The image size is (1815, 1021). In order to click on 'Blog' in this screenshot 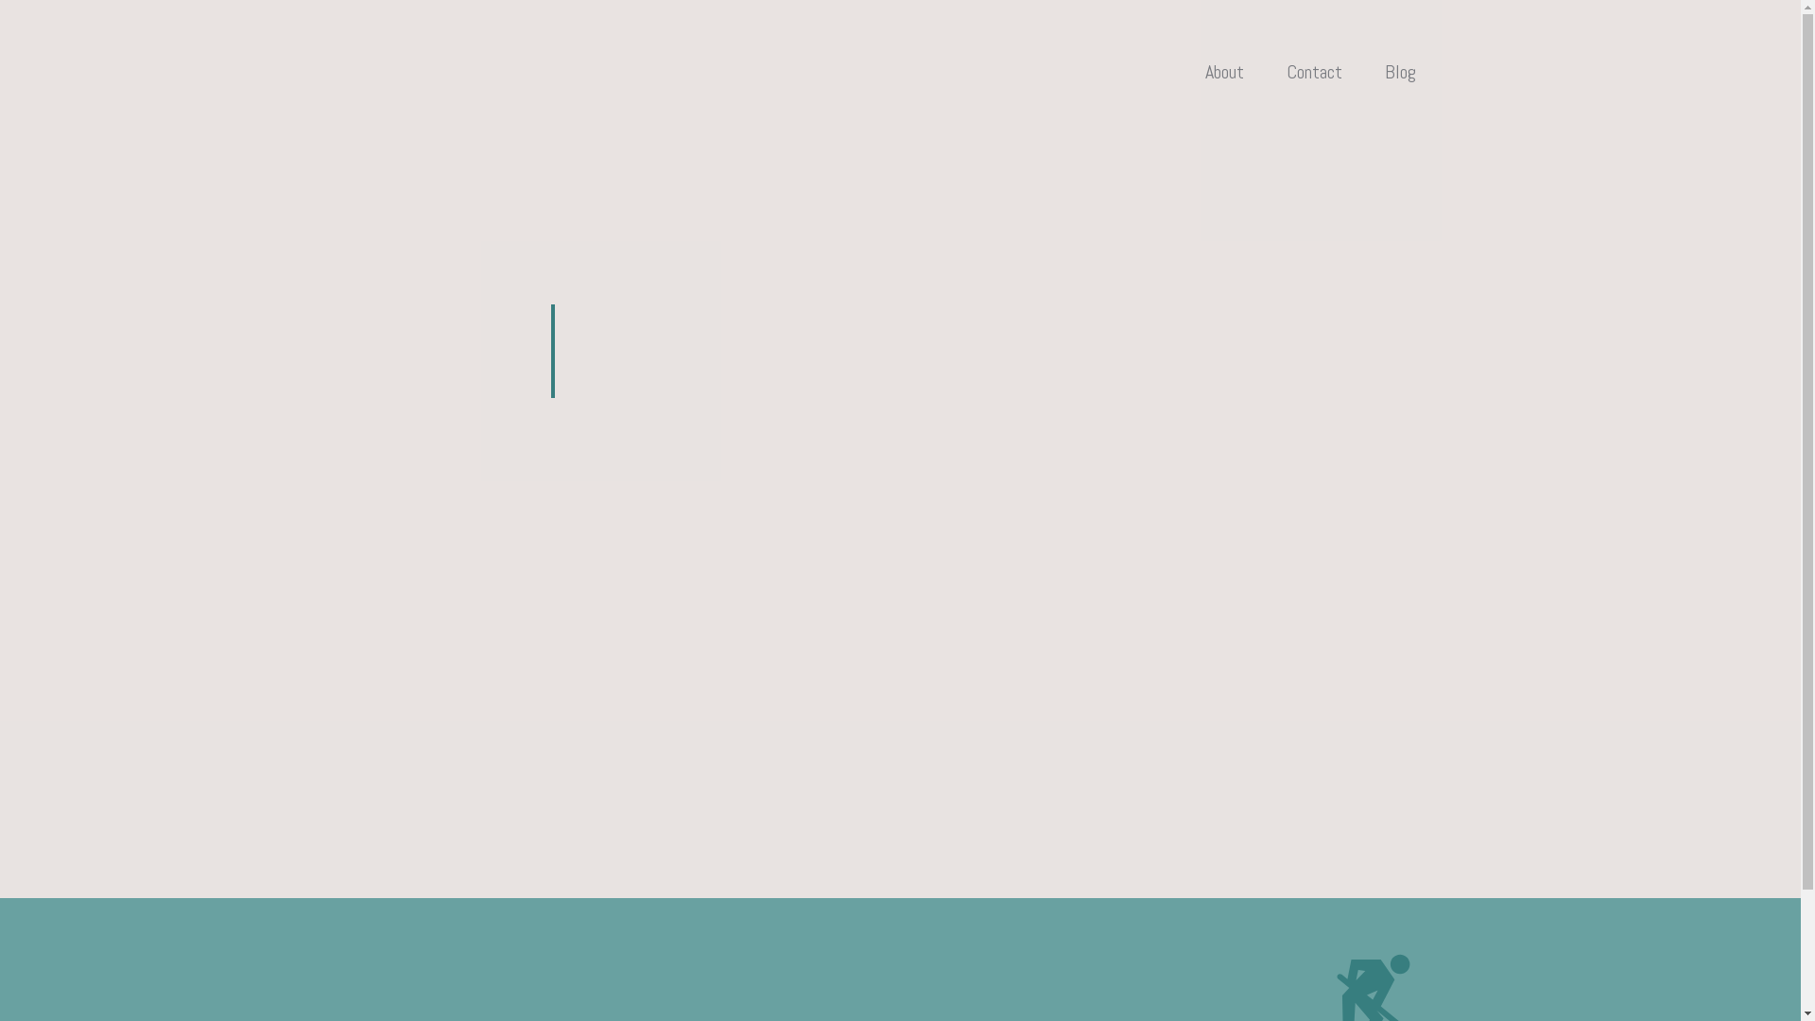, I will do `click(1399, 71)`.